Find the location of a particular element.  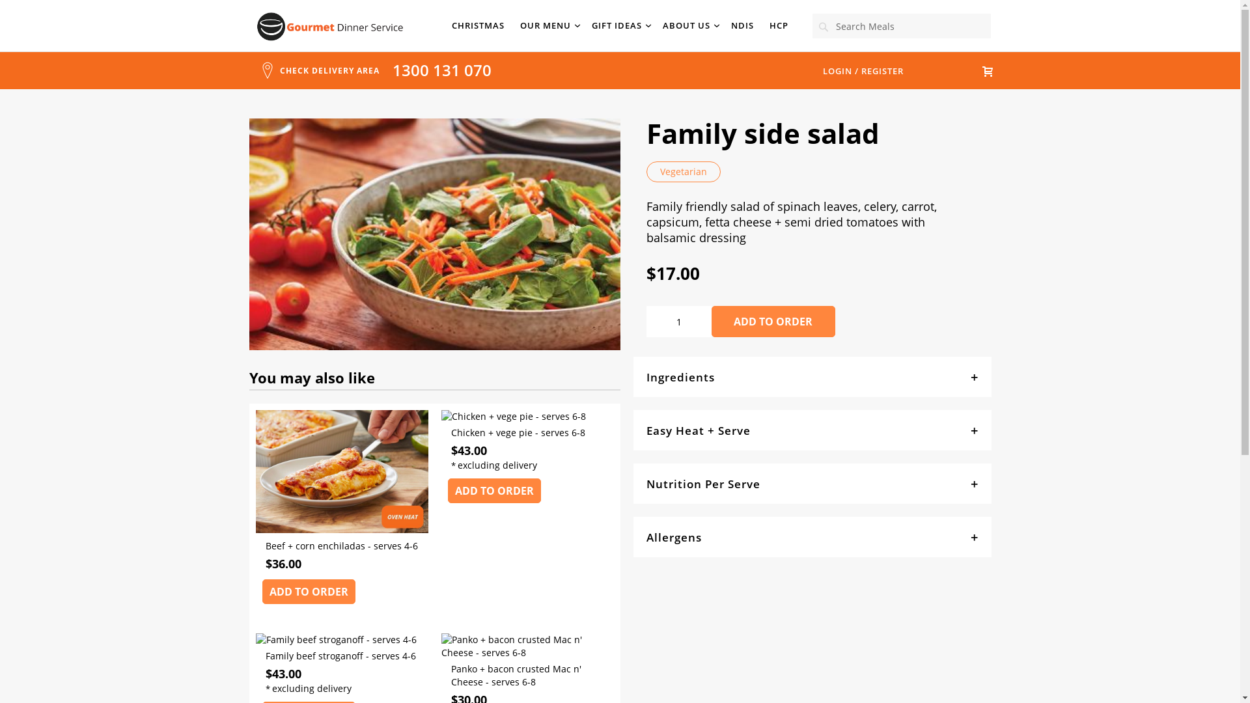

'GIFT IDEAS' is located at coordinates (618, 25).